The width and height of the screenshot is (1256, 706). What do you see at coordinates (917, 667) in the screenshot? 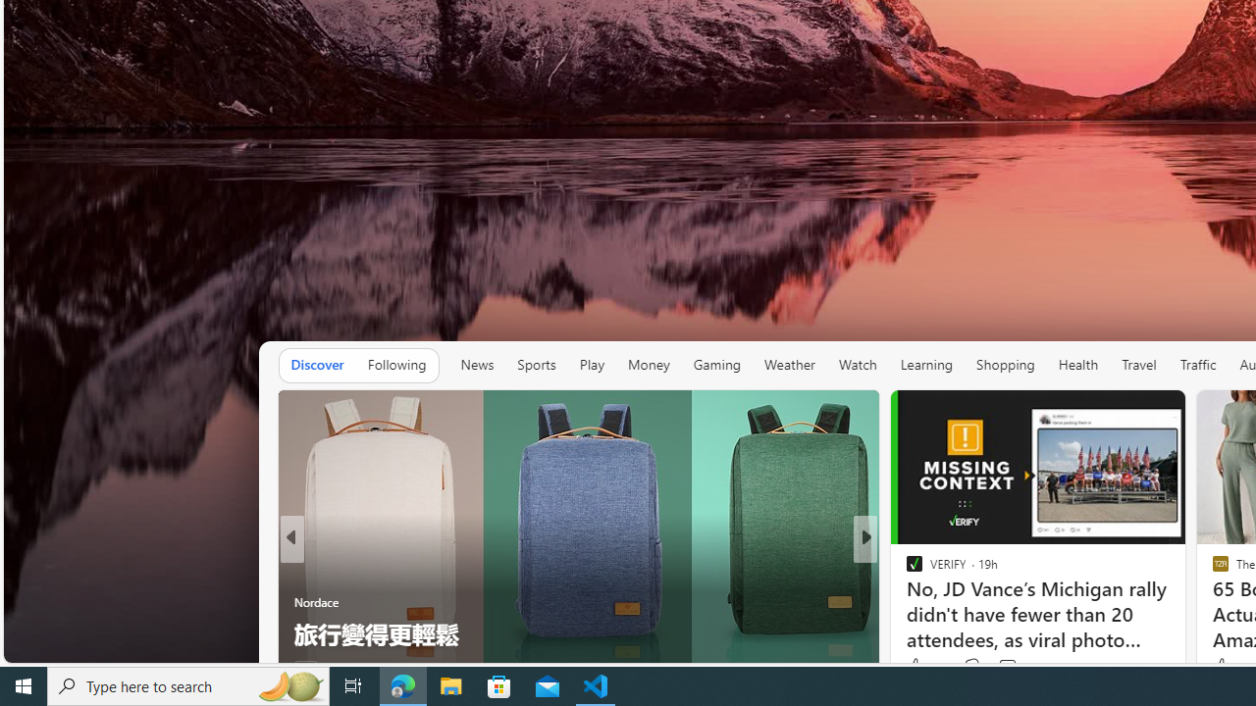
I see `'141 Like'` at bounding box center [917, 667].